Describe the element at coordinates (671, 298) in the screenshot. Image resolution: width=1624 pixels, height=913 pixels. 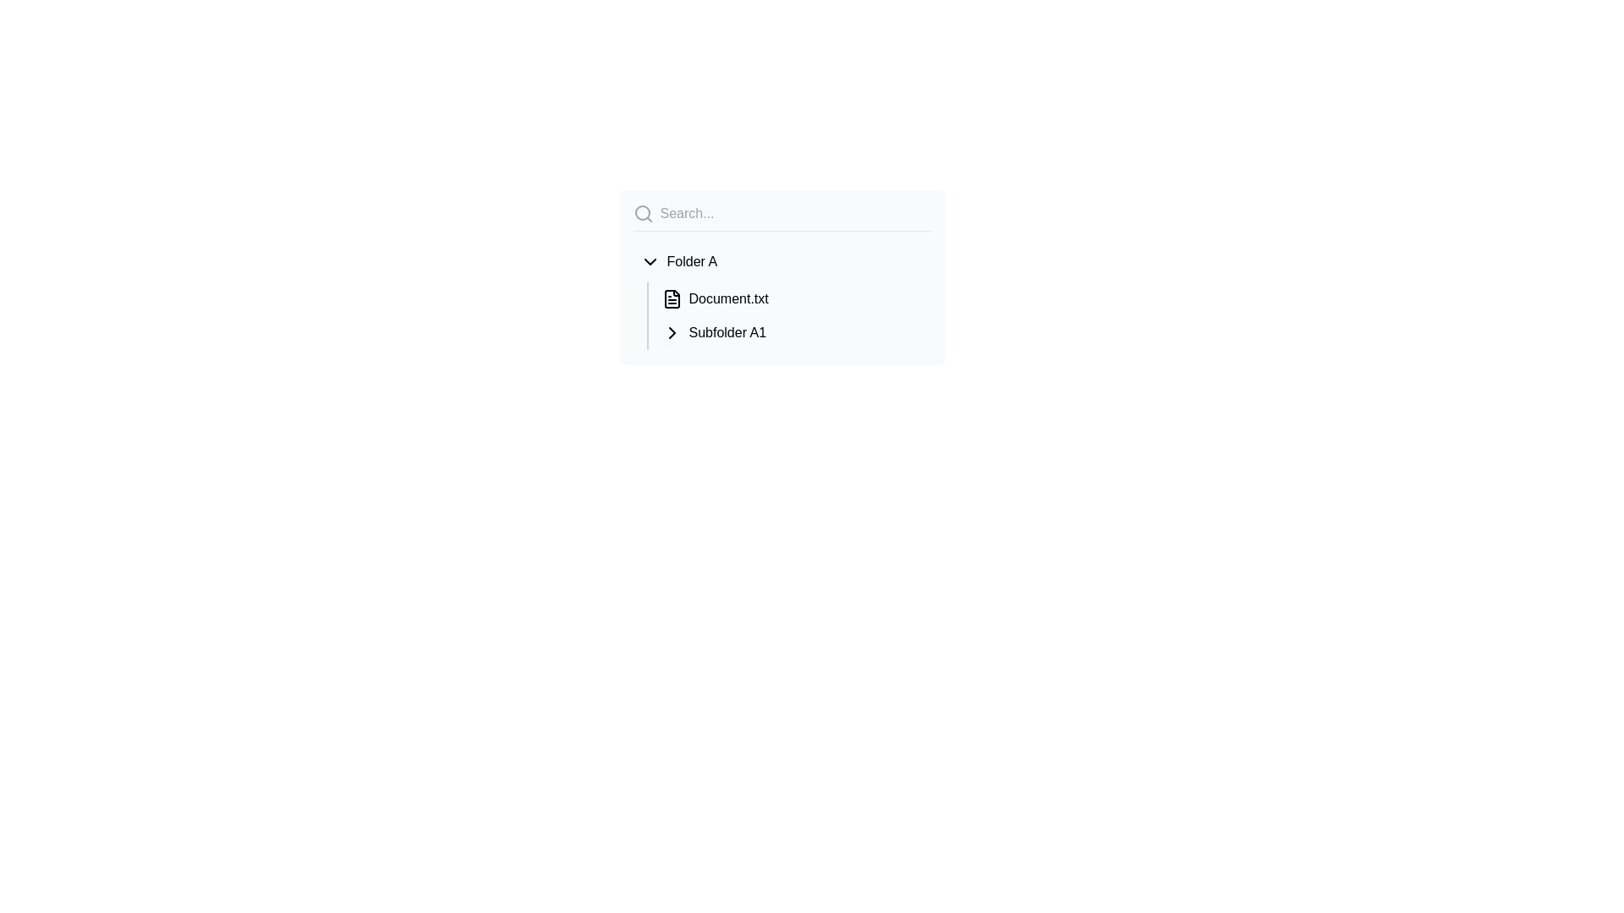
I see `the icon representing 'Document.txt' located to the left of its label in the file list` at that location.